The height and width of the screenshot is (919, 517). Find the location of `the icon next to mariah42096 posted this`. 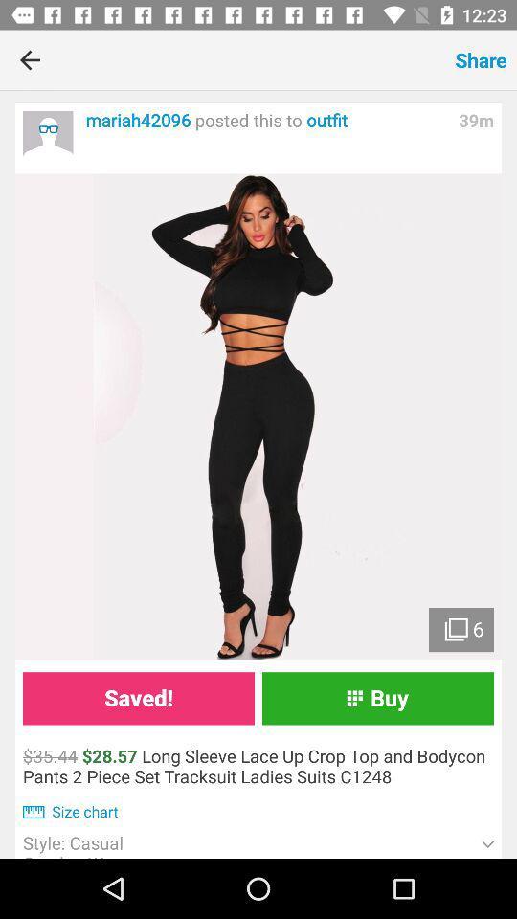

the icon next to mariah42096 posted this is located at coordinates (48, 135).